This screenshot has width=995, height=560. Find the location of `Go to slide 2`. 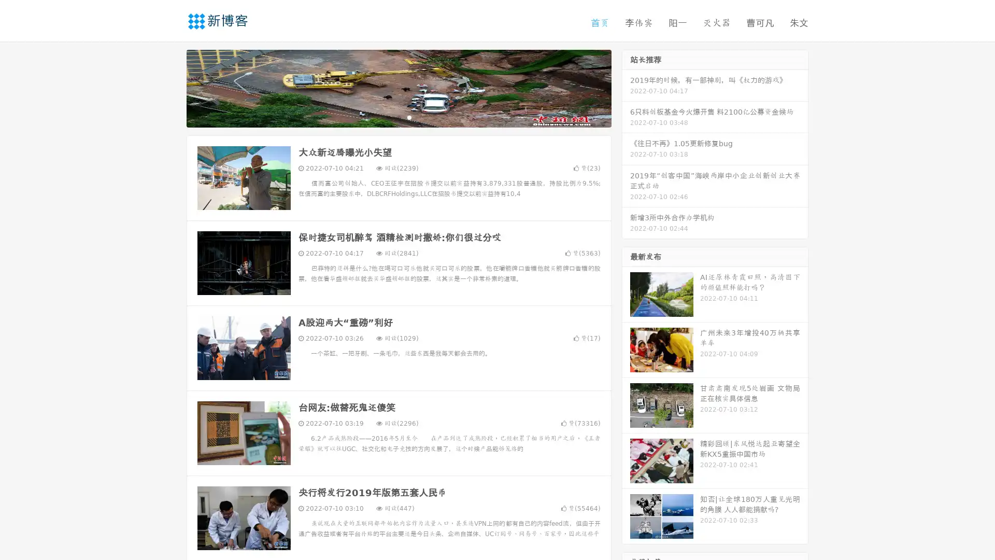

Go to slide 2 is located at coordinates (398, 117).